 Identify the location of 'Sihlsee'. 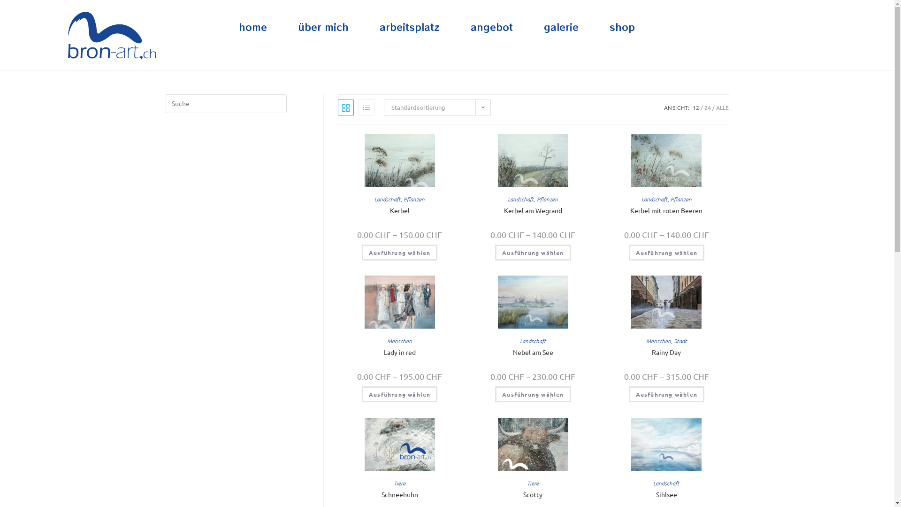
(666, 494).